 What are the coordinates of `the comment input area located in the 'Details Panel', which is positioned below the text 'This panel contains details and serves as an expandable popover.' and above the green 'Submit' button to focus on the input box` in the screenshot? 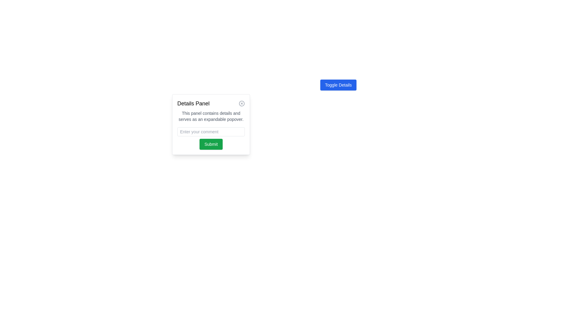 It's located at (211, 132).